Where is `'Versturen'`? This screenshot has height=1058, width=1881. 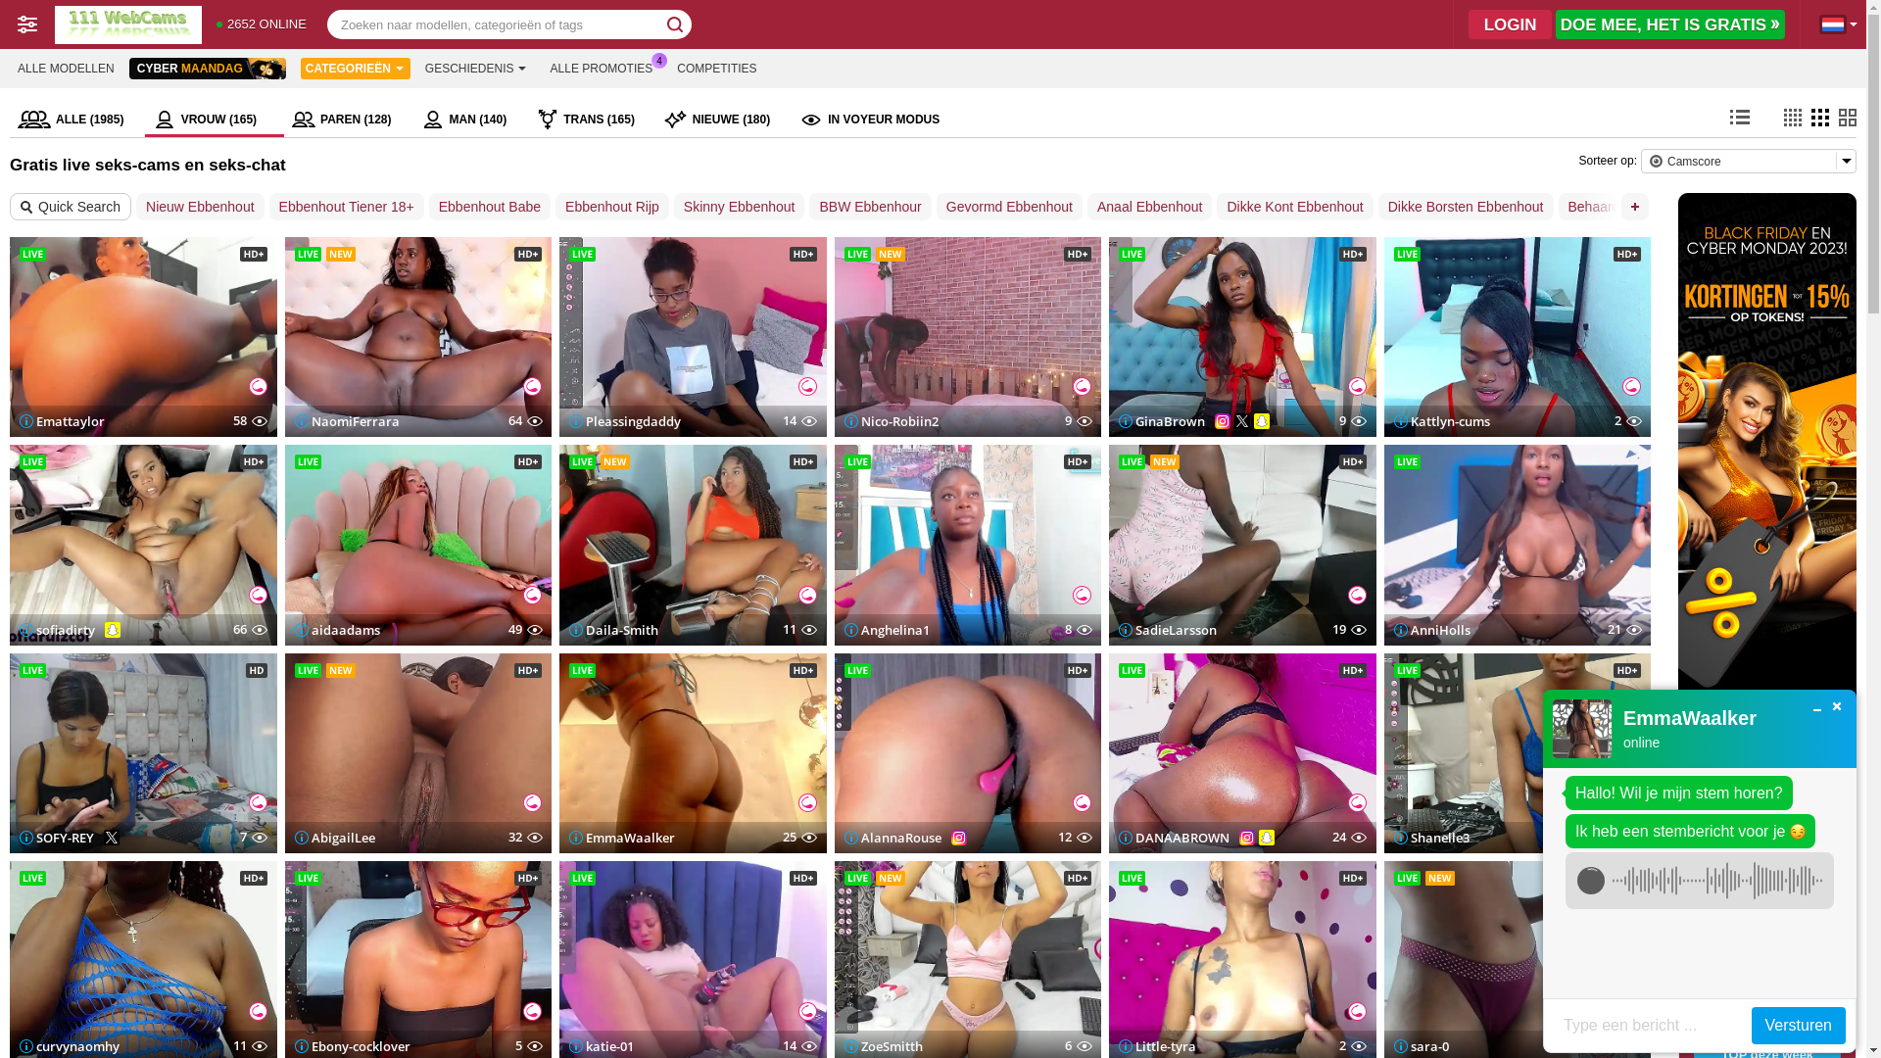
'Versturen' is located at coordinates (1799, 1024).